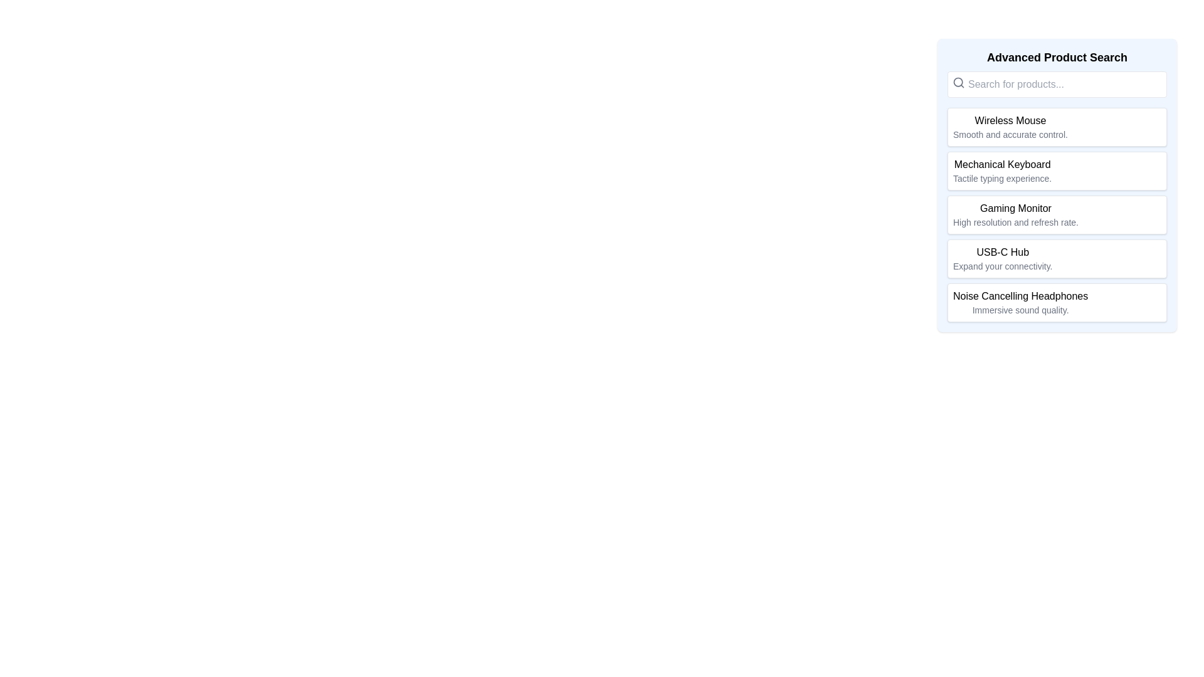 The image size is (1204, 677). Describe the element at coordinates (1001, 171) in the screenshot. I see `text from the Text label displaying 'Mechanical Keyboard' and 'Tactile typing experience.' which is located below 'Wireless Mouse' and above 'Gaming Monitor'` at that location.